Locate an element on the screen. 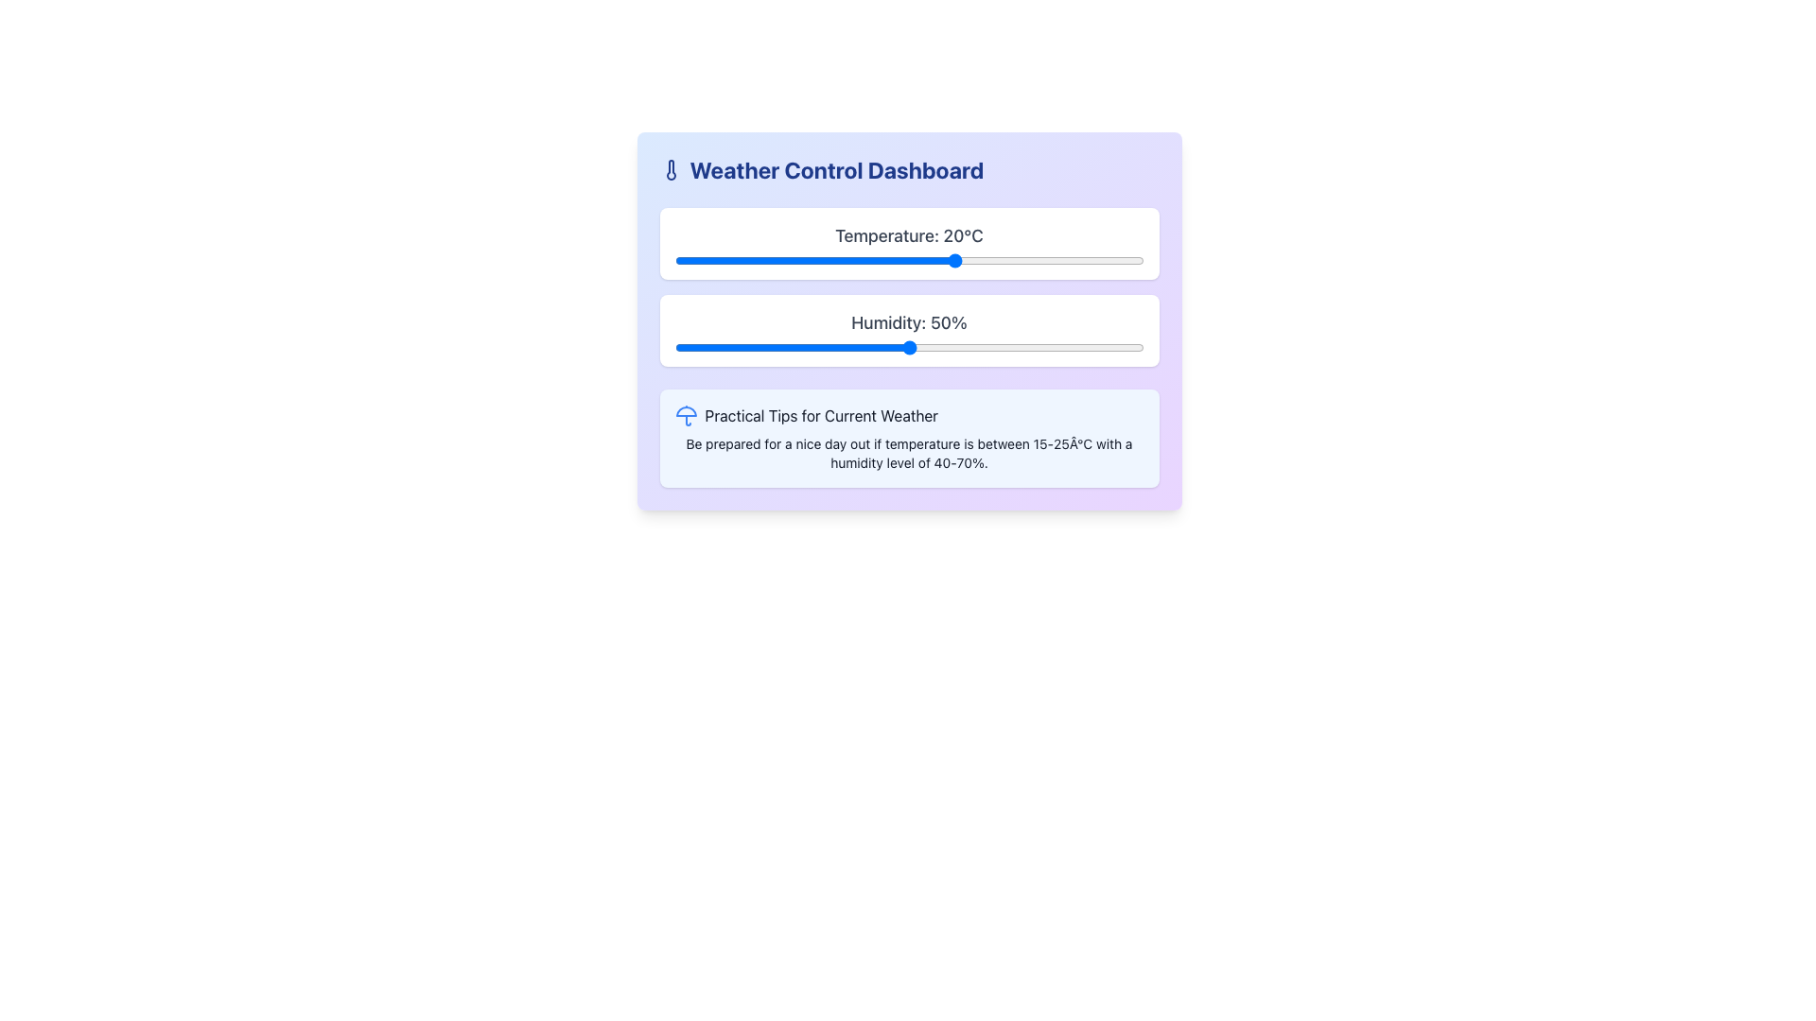  the humidity is located at coordinates (1138, 347).